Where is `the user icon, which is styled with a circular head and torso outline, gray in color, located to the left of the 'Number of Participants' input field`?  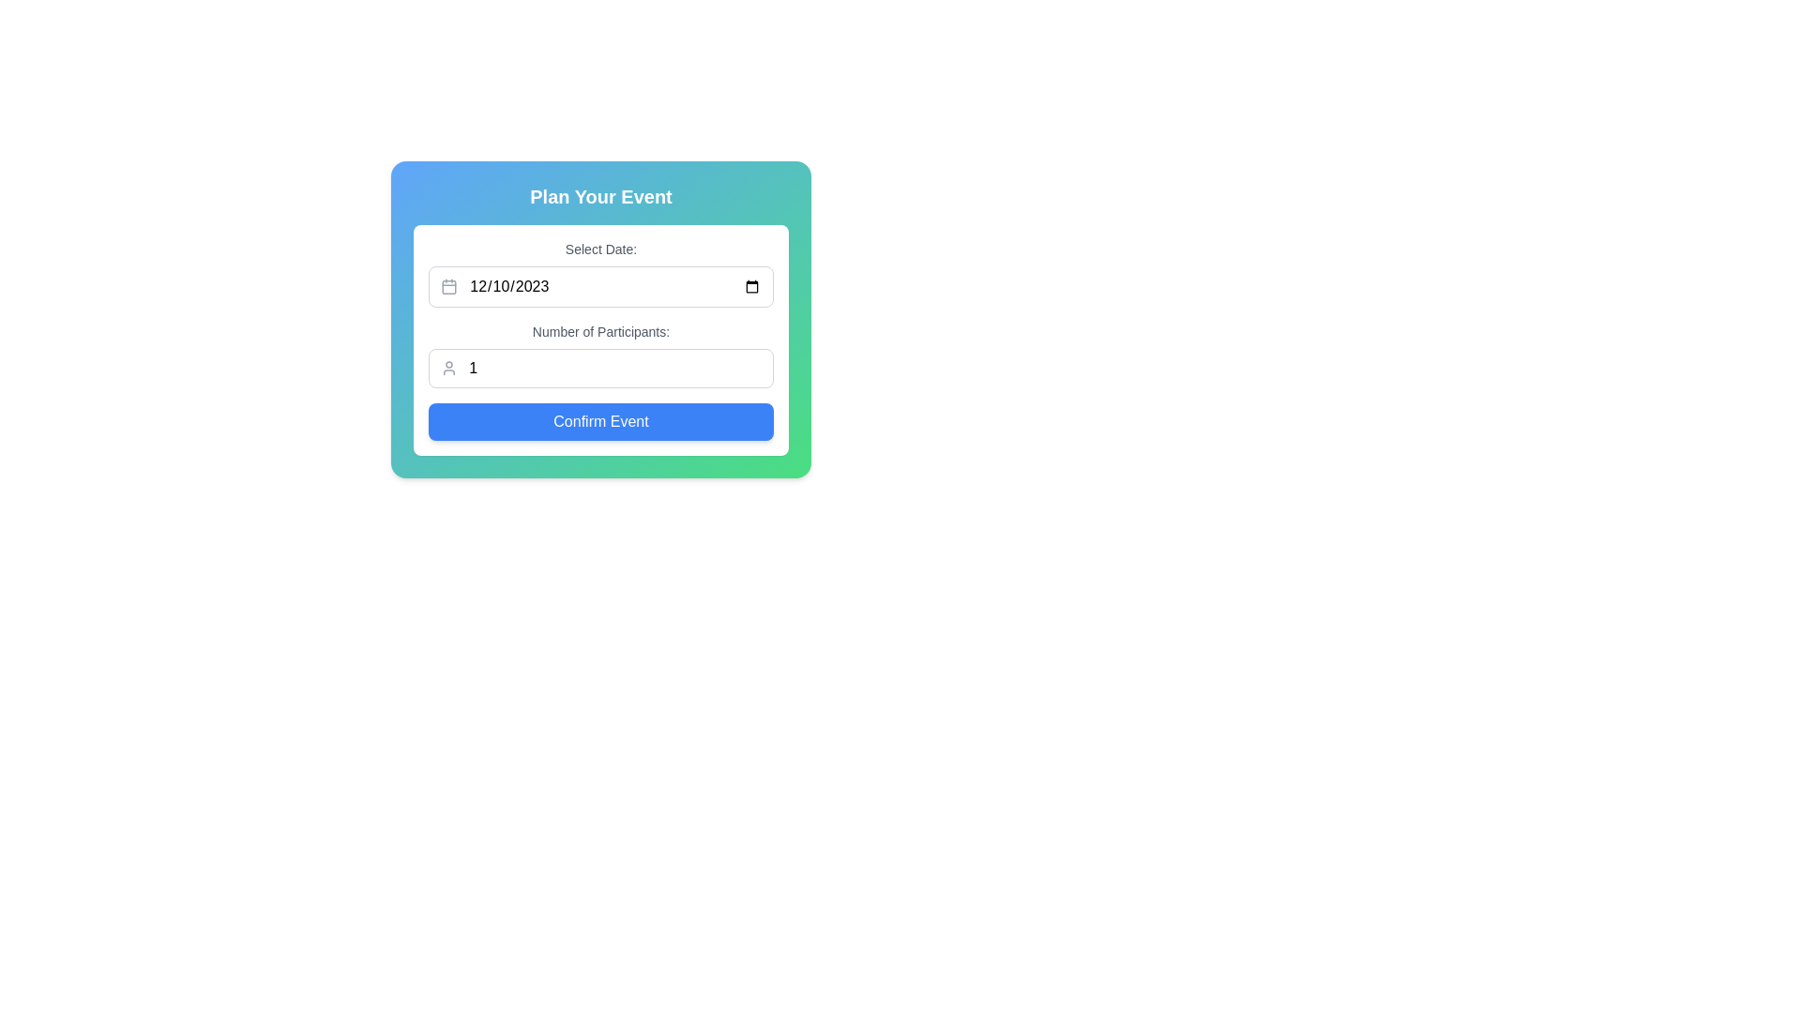 the user icon, which is styled with a circular head and torso outline, gray in color, located to the left of the 'Number of Participants' input field is located at coordinates (448, 369).